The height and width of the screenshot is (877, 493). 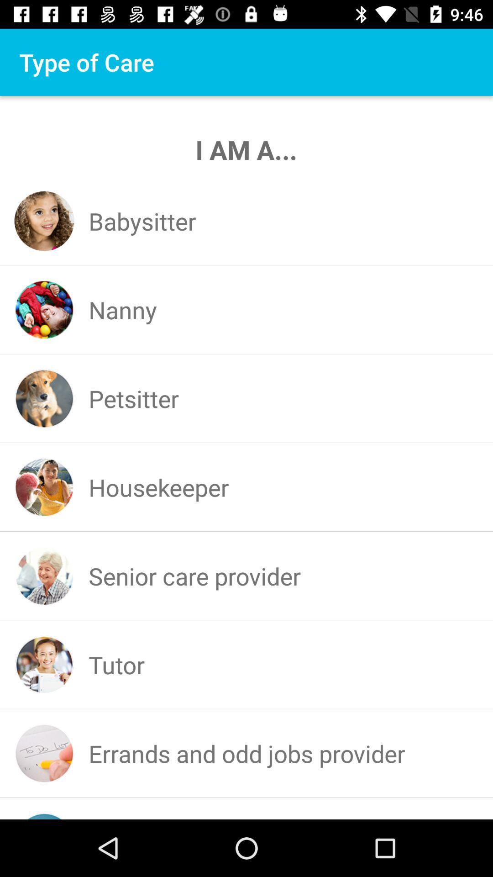 What do you see at coordinates (44, 665) in the screenshot?
I see `tutor profile picture` at bounding box center [44, 665].